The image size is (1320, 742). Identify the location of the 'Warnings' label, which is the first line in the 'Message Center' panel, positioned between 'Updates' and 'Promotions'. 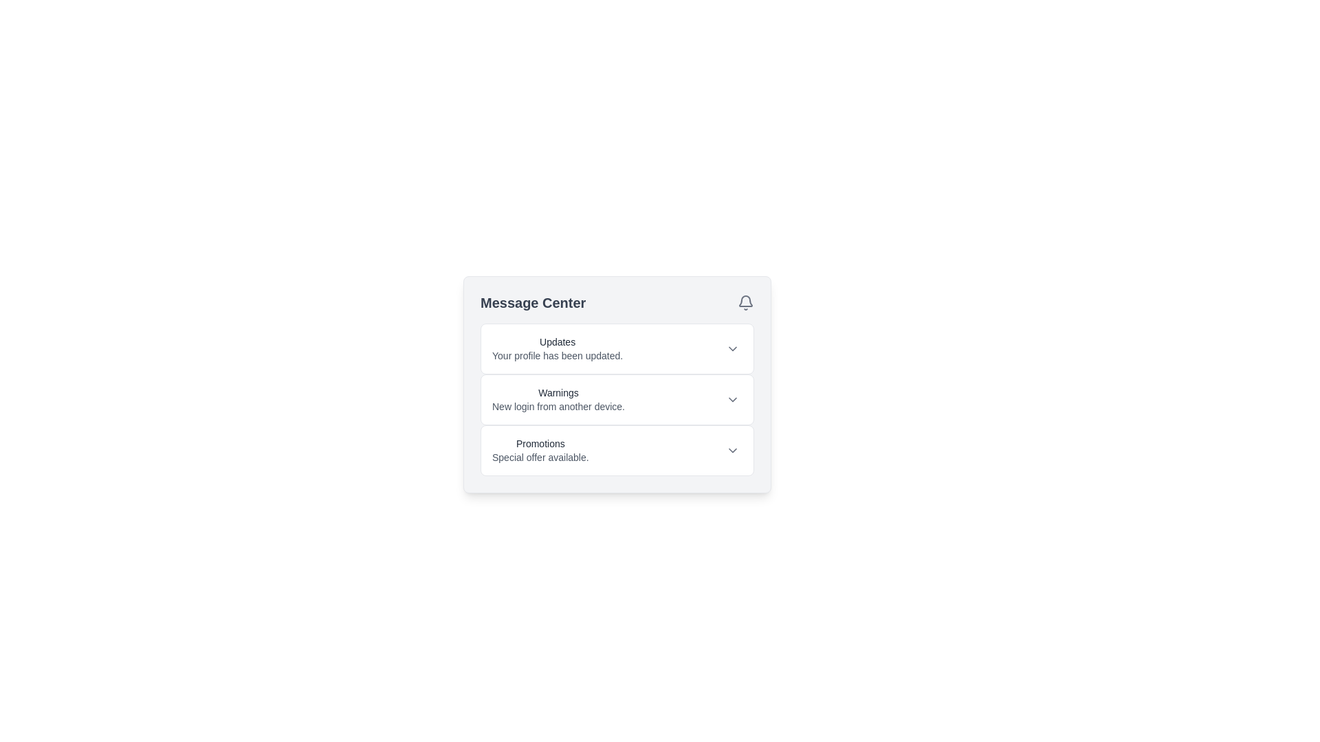
(558, 392).